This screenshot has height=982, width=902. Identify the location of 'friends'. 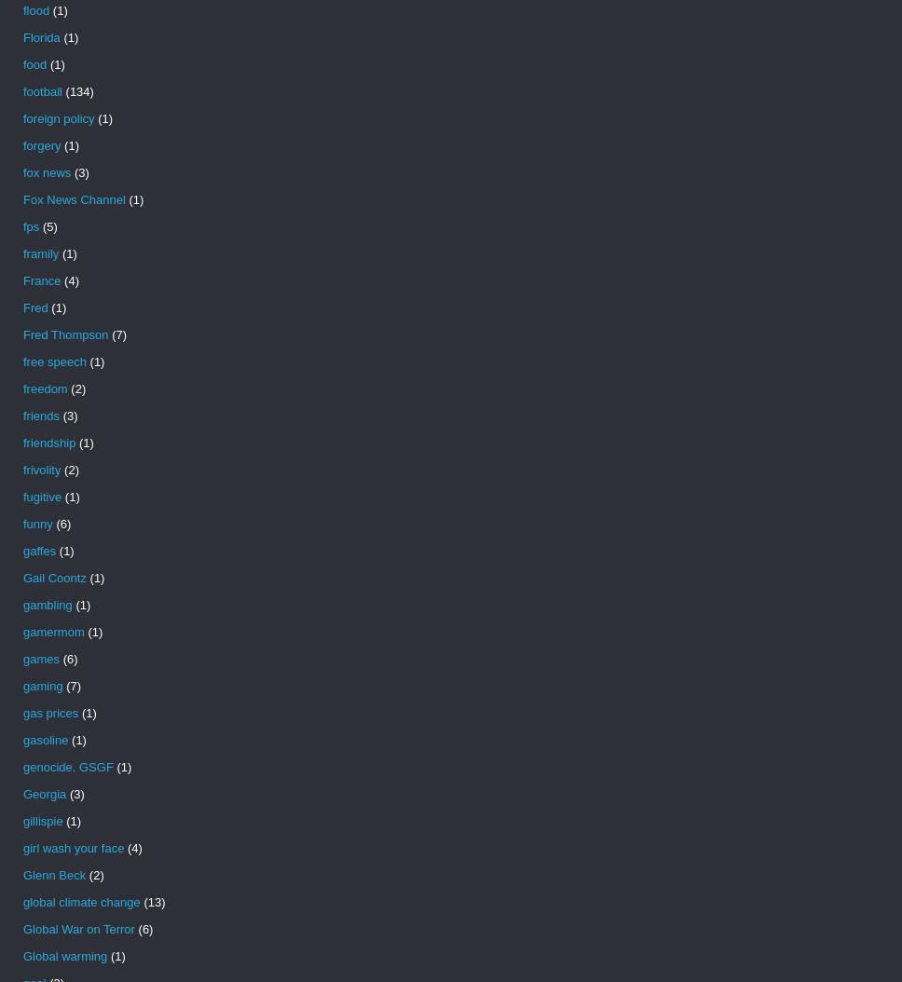
(40, 416).